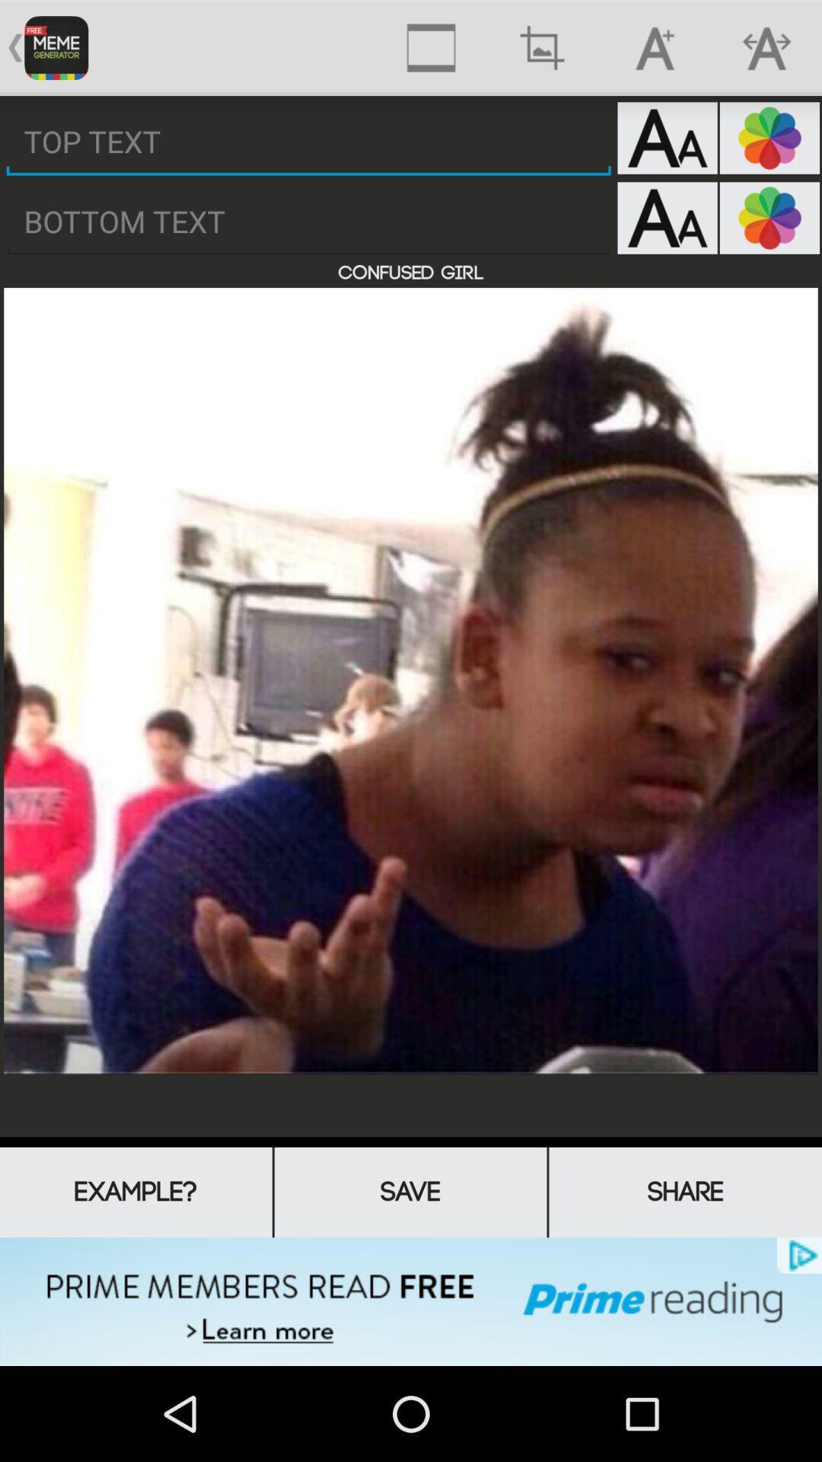 The image size is (822, 1462). I want to click on enter text, so click(308, 221).